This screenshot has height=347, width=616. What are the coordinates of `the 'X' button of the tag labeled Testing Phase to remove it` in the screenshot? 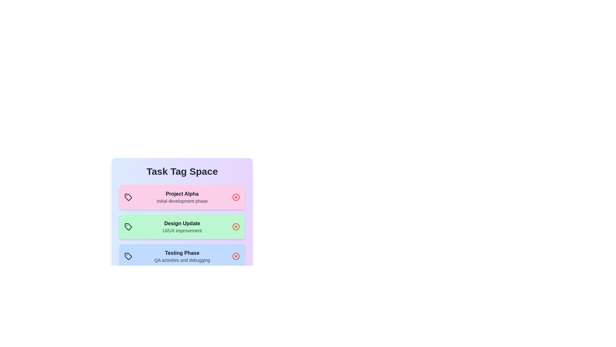 It's located at (235, 256).